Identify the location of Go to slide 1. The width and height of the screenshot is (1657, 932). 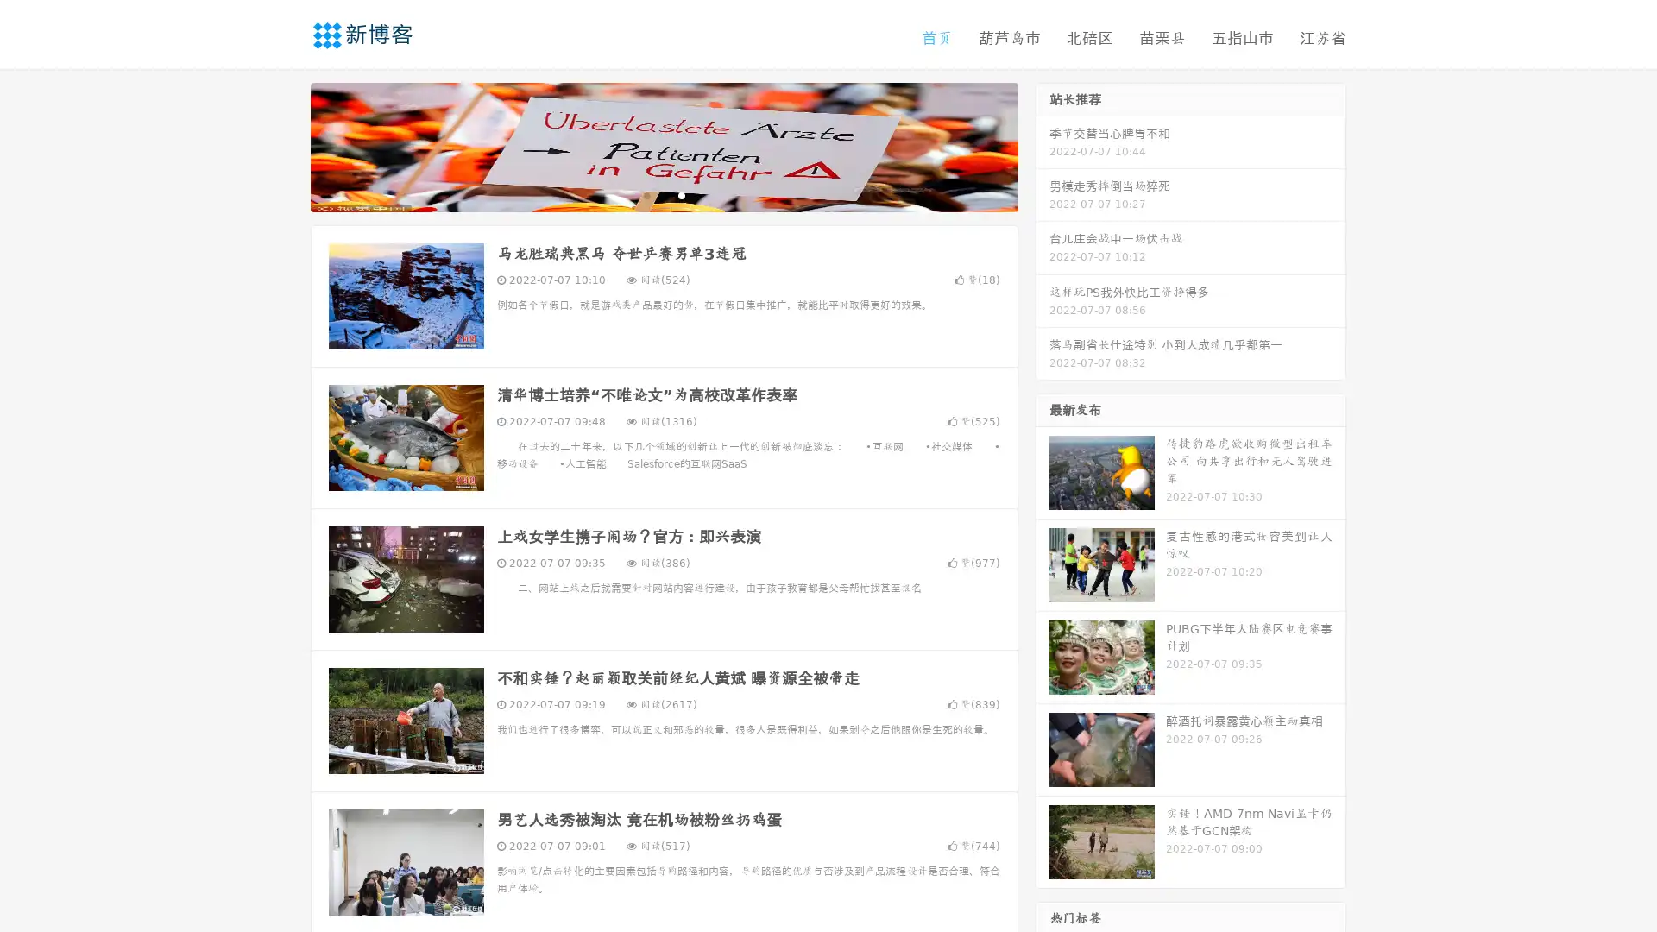
(646, 194).